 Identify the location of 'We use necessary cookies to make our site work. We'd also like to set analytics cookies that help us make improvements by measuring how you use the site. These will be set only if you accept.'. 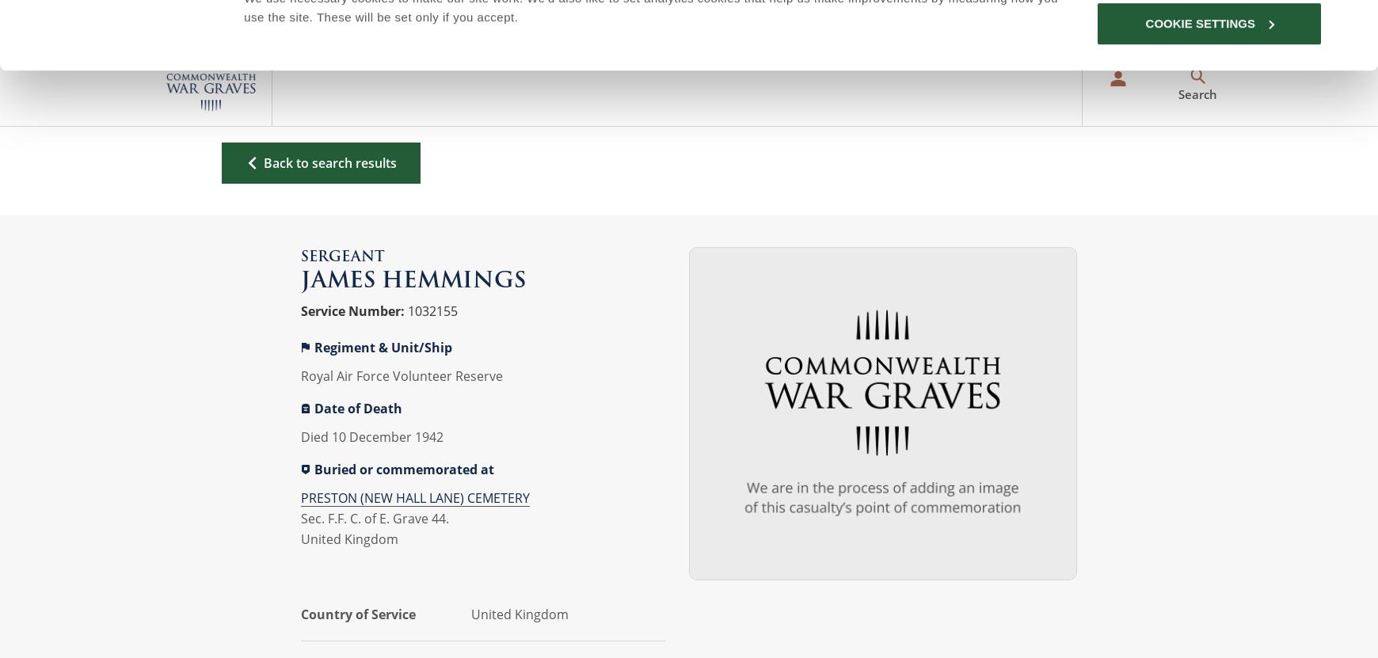
(243, 74).